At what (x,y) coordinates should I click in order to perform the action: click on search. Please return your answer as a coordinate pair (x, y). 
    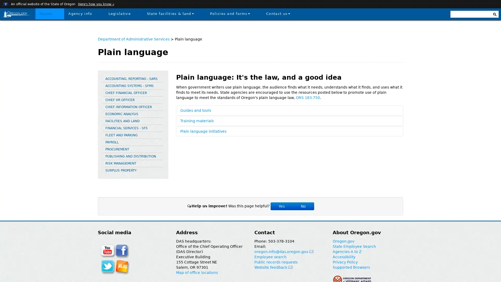
    Looking at the image, I should click on (494, 13).